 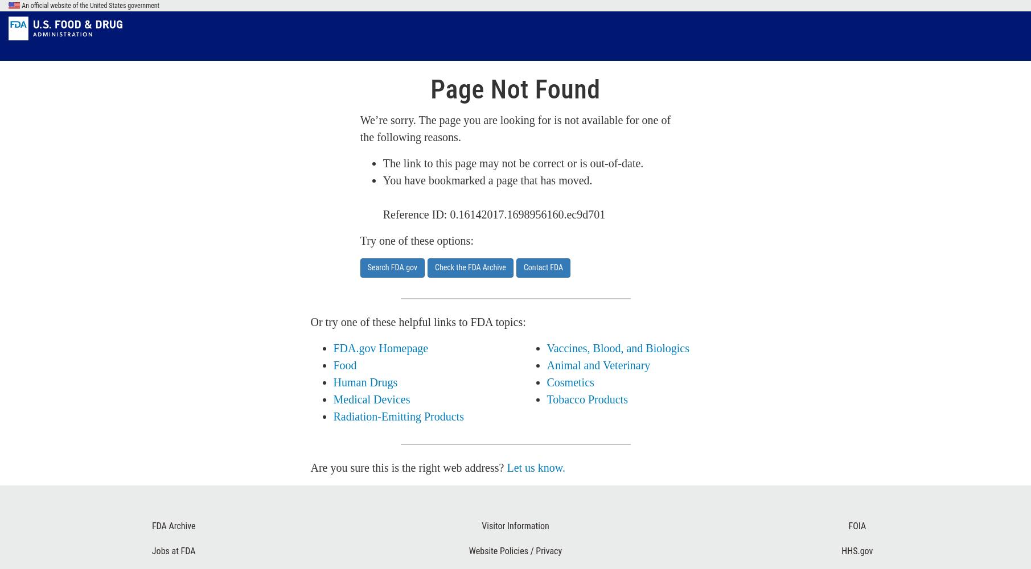 I want to click on 'Cosmetics', so click(x=569, y=382).